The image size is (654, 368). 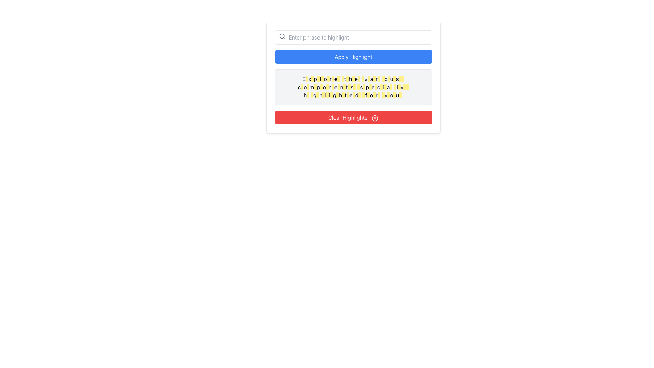 What do you see at coordinates (378, 78) in the screenshot?
I see `the fifteenth yellow-highlighted rectangle that serves as a decorative indicator in the phrase 'Explore the various components specially highlighted for you.'` at bounding box center [378, 78].